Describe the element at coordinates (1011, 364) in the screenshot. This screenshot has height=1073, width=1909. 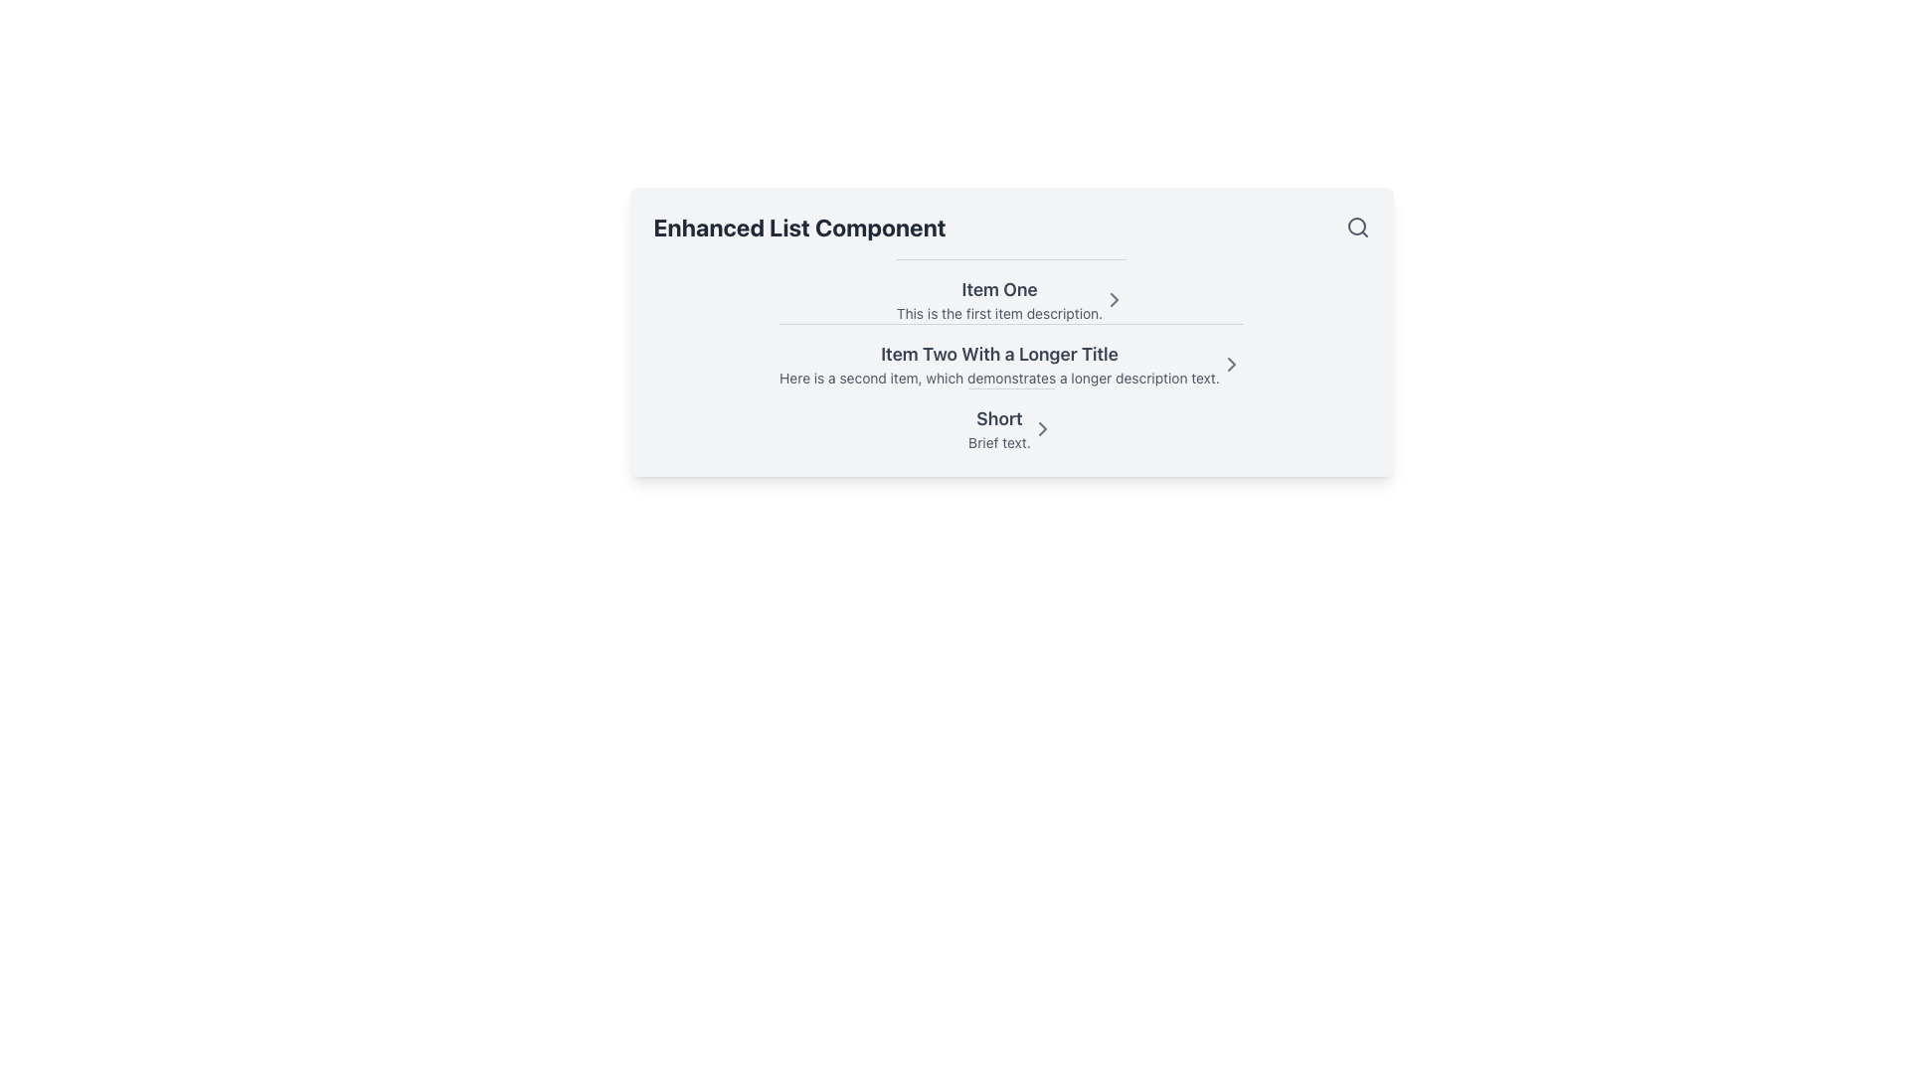
I see `the second item in the vertical list under the 'Enhanced List Component' heading for accessibility navigation` at that location.